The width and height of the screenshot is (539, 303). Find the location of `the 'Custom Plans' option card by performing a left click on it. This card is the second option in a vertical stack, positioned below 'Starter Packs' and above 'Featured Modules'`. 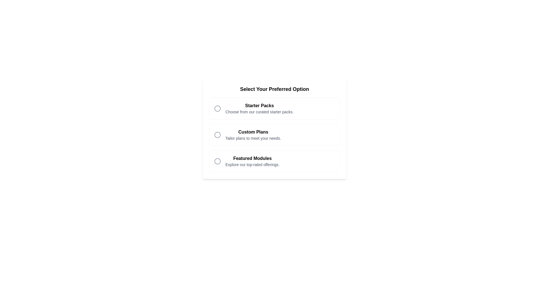

the 'Custom Plans' option card by performing a left click on it. This card is the second option in a vertical stack, positioned below 'Starter Packs' and above 'Featured Modules' is located at coordinates (275, 135).